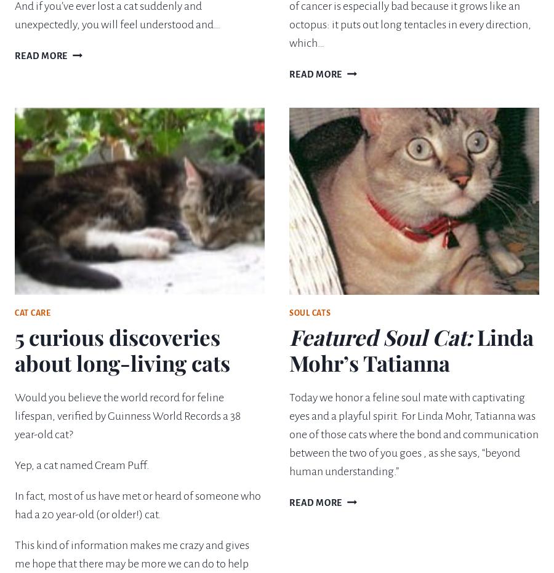  Describe the element at coordinates (14, 313) in the screenshot. I see `'Cat Care'` at that location.